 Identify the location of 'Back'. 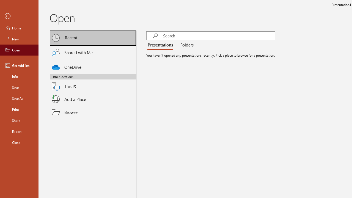
(19, 16).